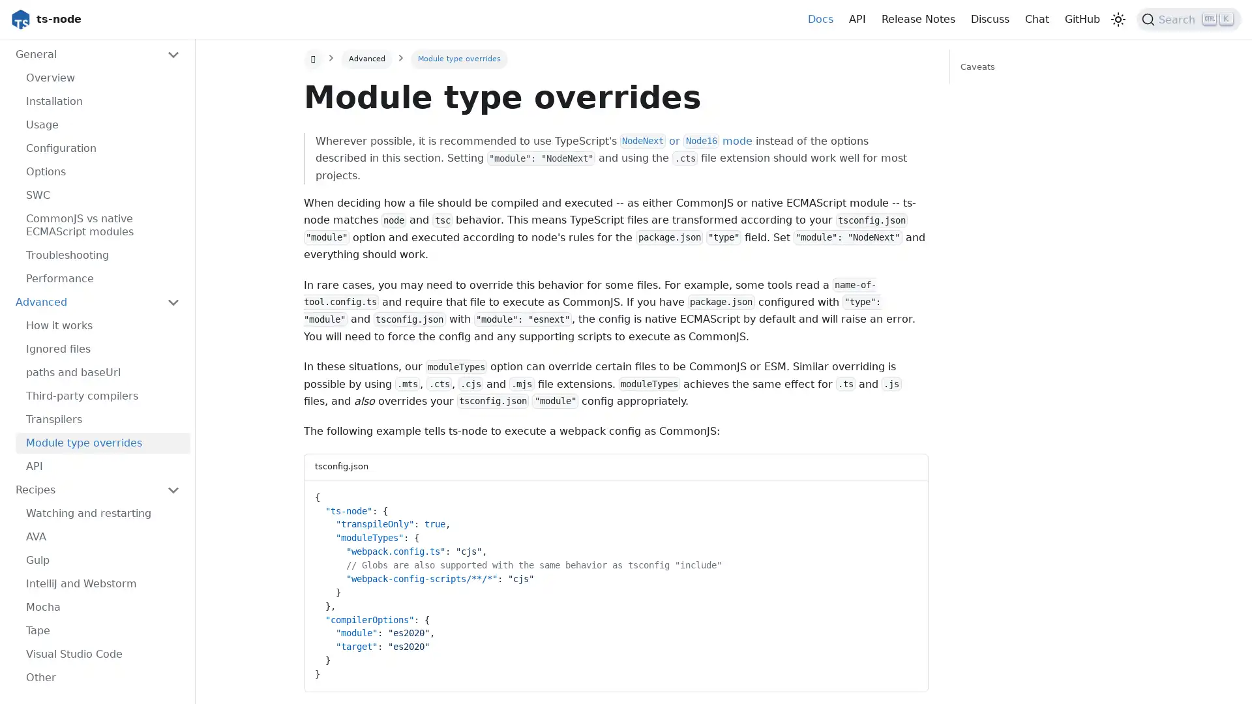  I want to click on Search, so click(1189, 20).